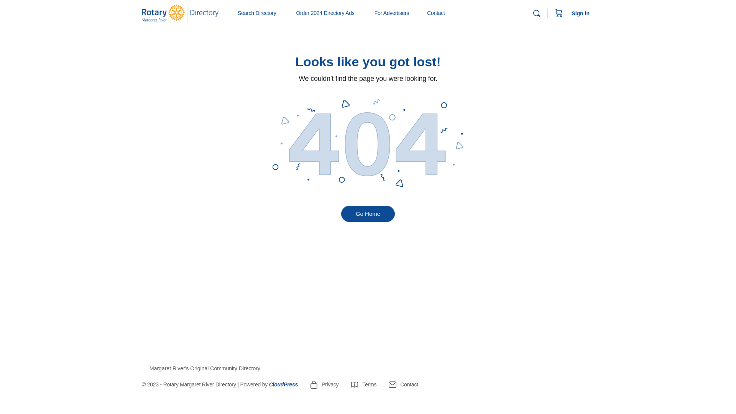 Image resolution: width=736 pixels, height=414 pixels. I want to click on 'Terms', so click(363, 384).